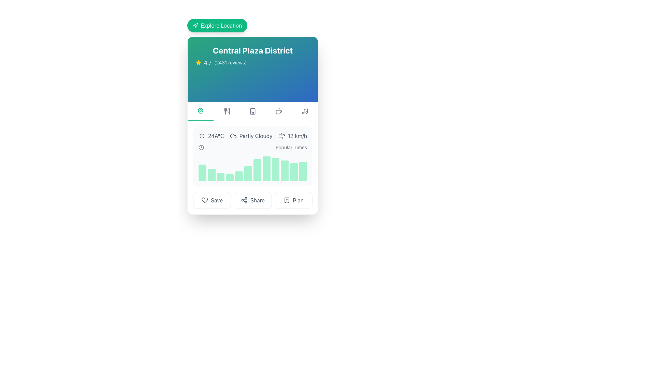 The width and height of the screenshot is (655, 368). What do you see at coordinates (252, 136) in the screenshot?
I see `the weather details informational display located below the title 'Central Plaza District' and above the 'Popular Times' graph` at bounding box center [252, 136].